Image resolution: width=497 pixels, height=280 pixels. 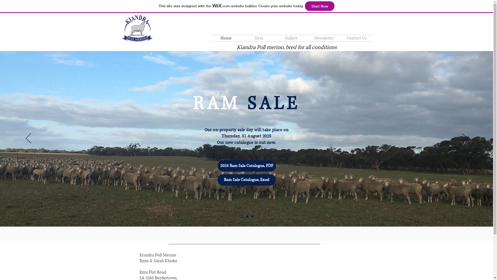 I want to click on 'Newsletter', so click(x=324, y=38).